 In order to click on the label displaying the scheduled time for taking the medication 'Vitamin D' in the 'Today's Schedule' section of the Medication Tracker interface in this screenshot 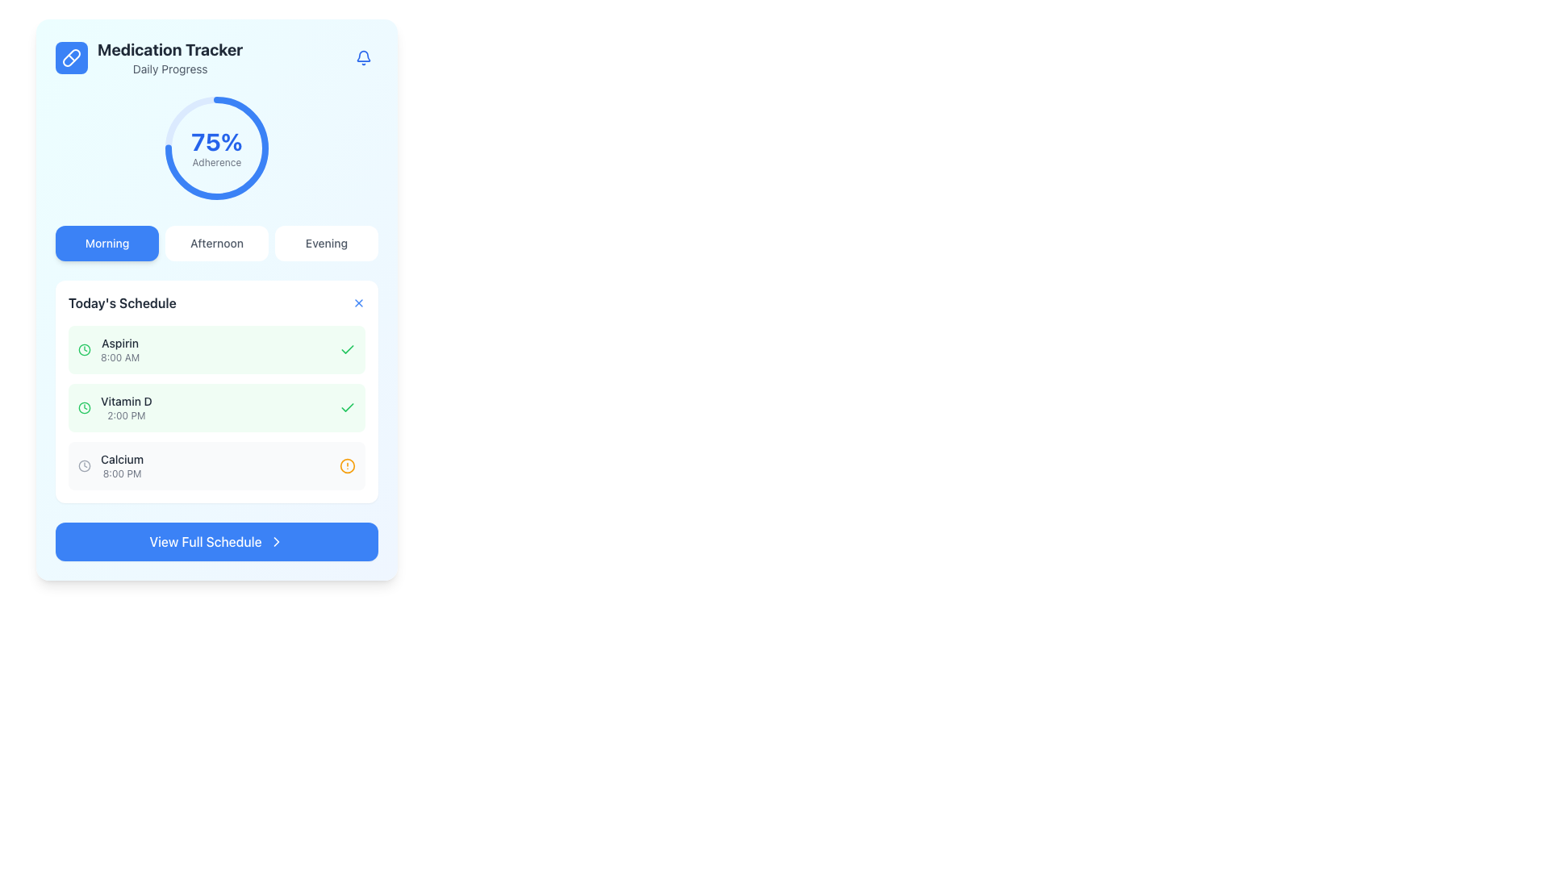, I will do `click(125, 415)`.